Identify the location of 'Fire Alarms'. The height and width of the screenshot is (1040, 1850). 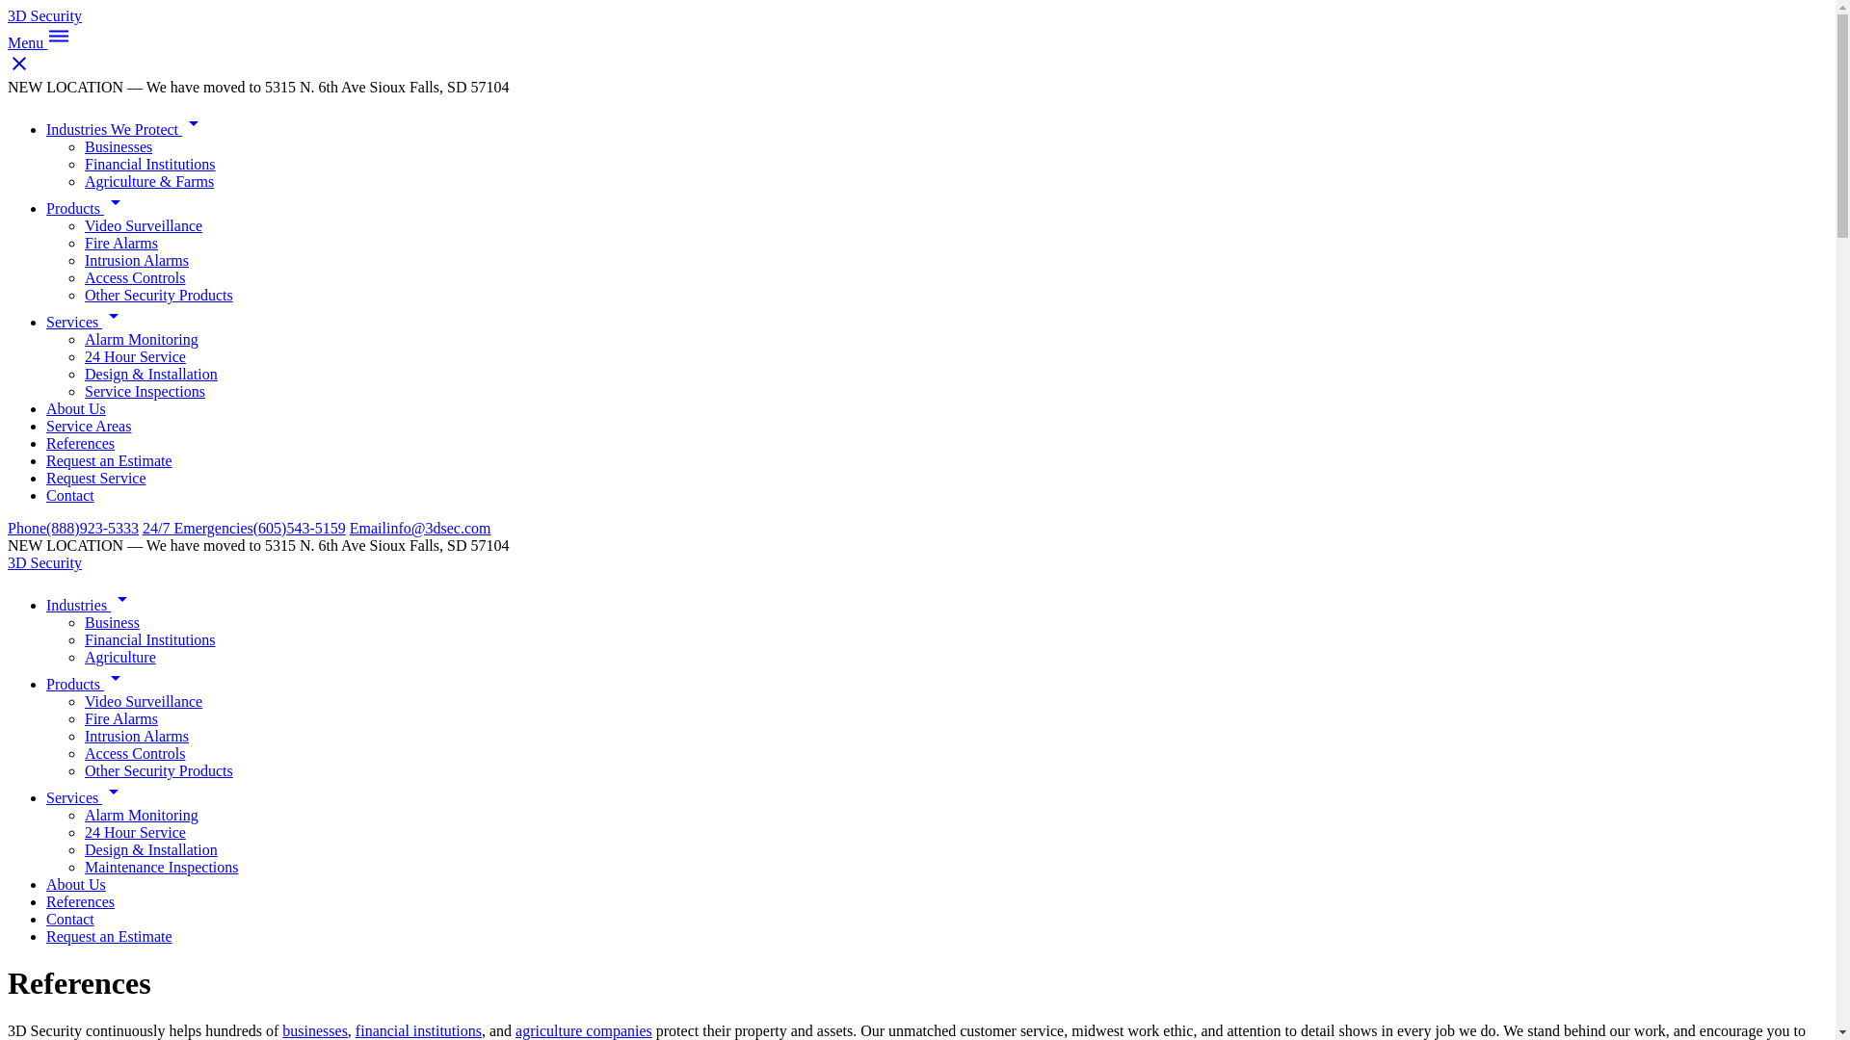
(119, 242).